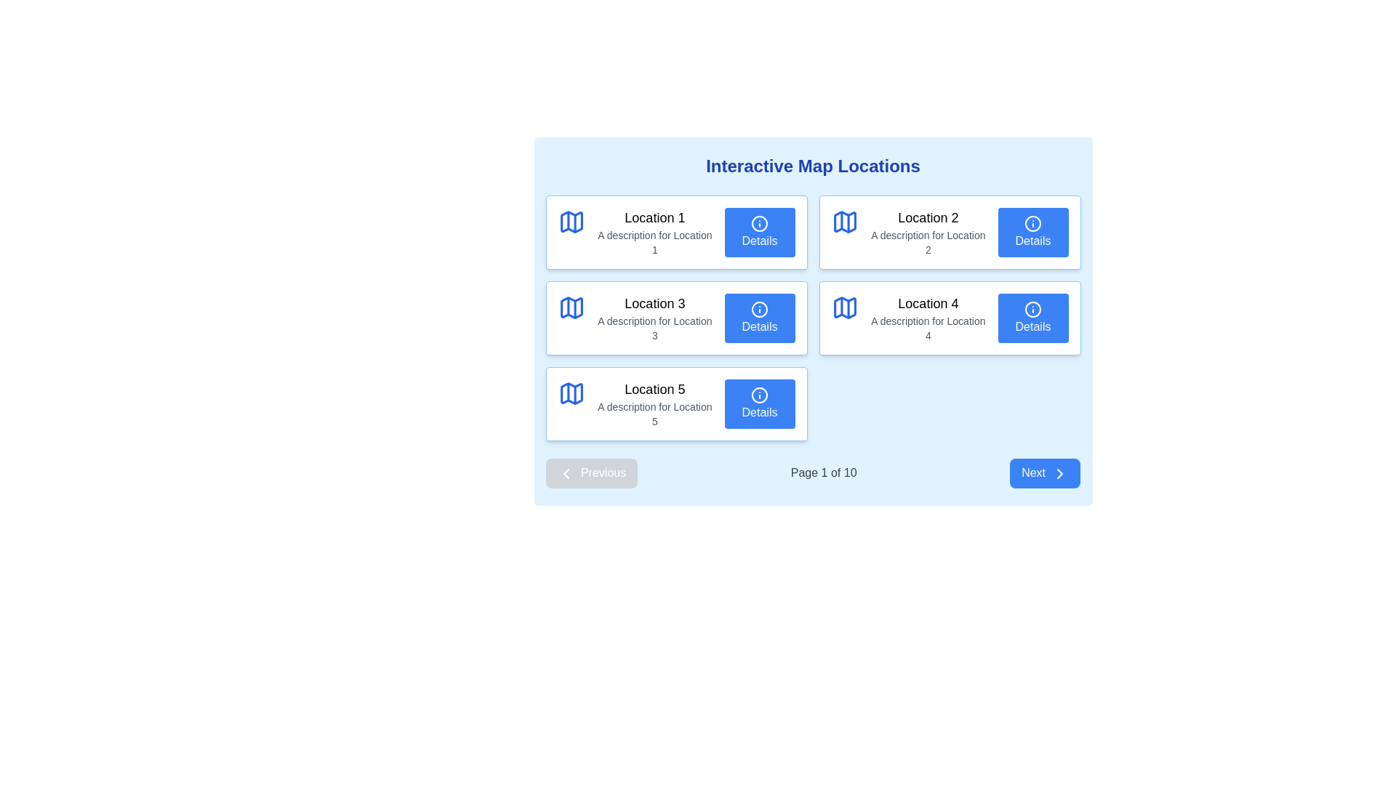 The height and width of the screenshot is (785, 1396). What do you see at coordinates (927, 242) in the screenshot?
I see `the static descriptive text element displaying 'A description for Location 2', which is styled in smaller gray font and positioned below the title 'Location 2' within the second card of a grid layout` at bounding box center [927, 242].